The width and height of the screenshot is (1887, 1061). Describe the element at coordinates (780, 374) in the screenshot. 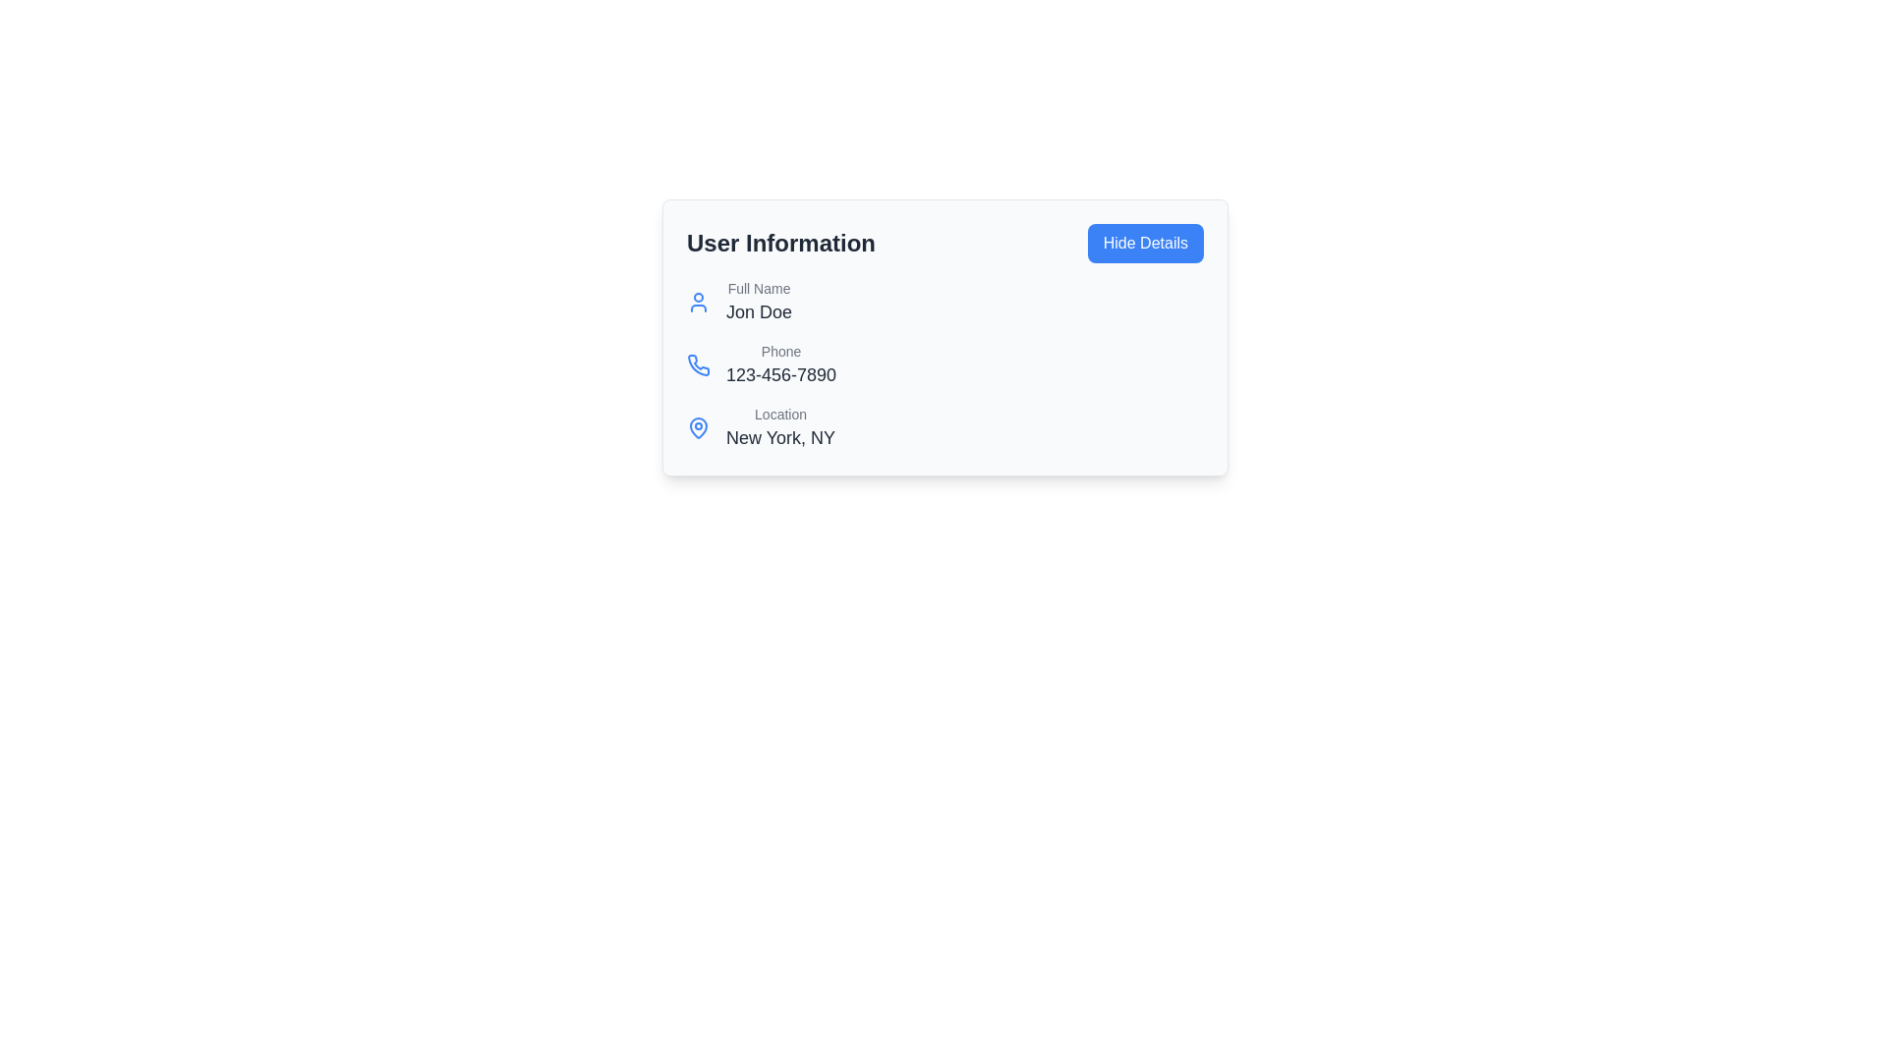

I see `the static text displaying the user's phone number '123-456-7890' in the user profile information section` at that location.